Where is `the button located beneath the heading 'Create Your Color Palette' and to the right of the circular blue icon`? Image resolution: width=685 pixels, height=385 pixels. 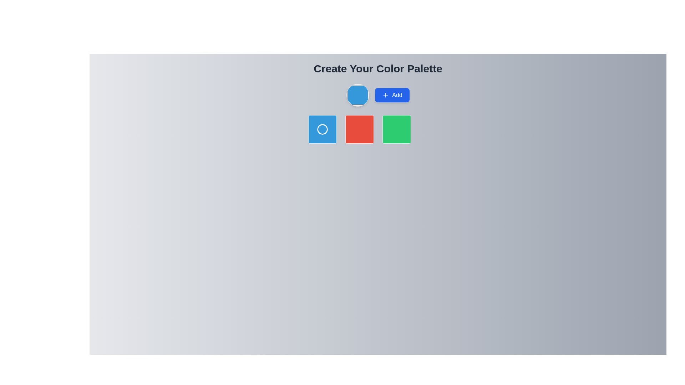 the button located beneath the heading 'Create Your Color Palette' and to the right of the circular blue icon is located at coordinates (377, 94).